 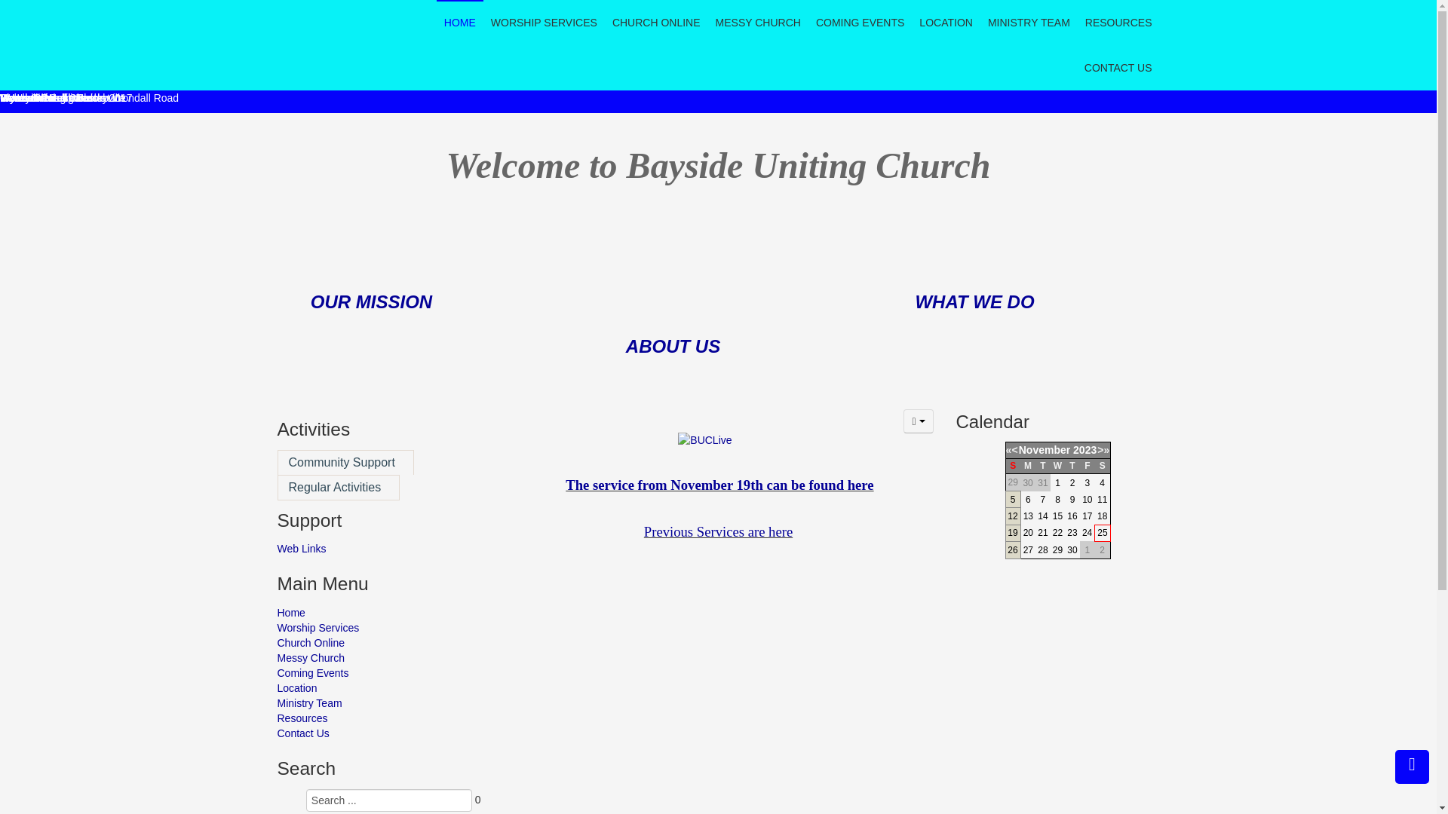 What do you see at coordinates (1071, 531) in the screenshot?
I see `'23'` at bounding box center [1071, 531].